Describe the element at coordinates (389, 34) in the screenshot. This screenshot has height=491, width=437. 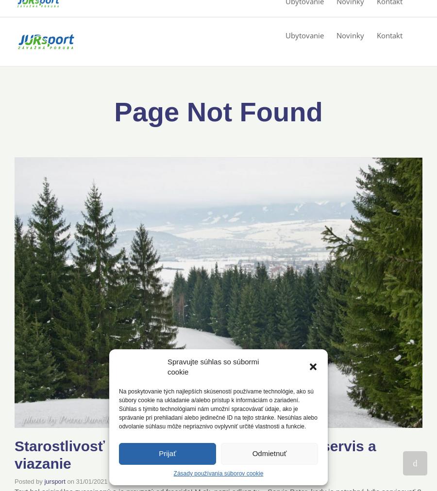
I see `'Kontakt'` at that location.